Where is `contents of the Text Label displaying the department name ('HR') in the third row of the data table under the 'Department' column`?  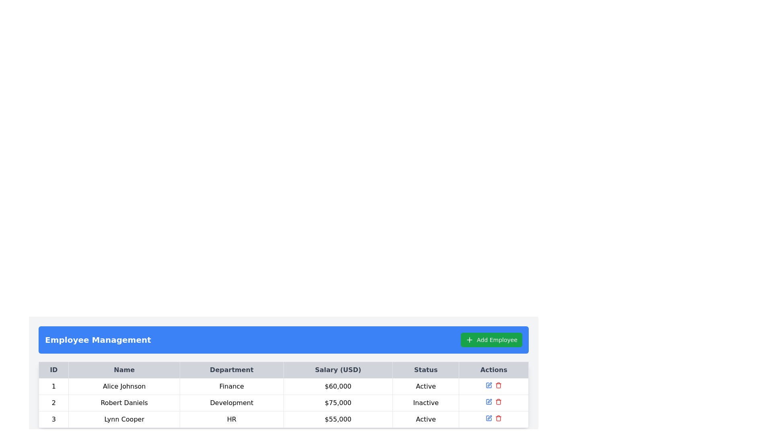 contents of the Text Label displaying the department name ('HR') in the third row of the data table under the 'Department' column is located at coordinates (231, 419).